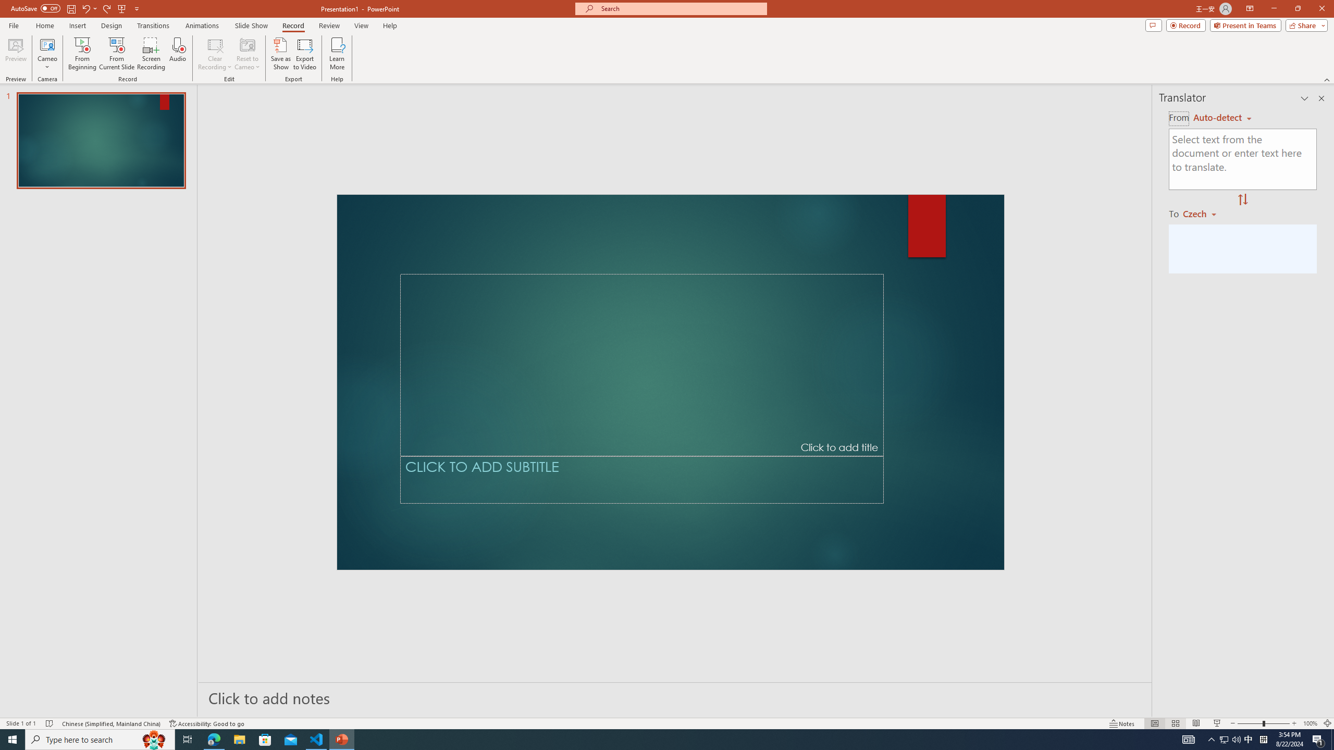 The height and width of the screenshot is (750, 1334). I want to click on 'Screen Recording', so click(151, 54).